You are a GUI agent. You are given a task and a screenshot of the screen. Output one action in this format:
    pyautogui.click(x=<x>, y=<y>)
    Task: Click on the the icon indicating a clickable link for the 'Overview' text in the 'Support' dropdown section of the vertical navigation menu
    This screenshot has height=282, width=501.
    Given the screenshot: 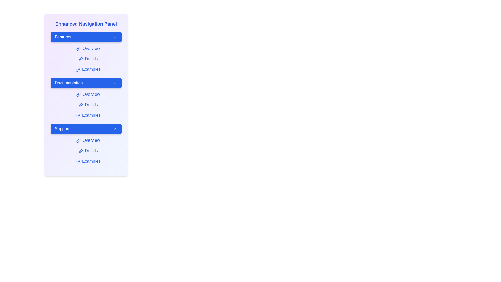 What is the action you would take?
    pyautogui.click(x=78, y=140)
    